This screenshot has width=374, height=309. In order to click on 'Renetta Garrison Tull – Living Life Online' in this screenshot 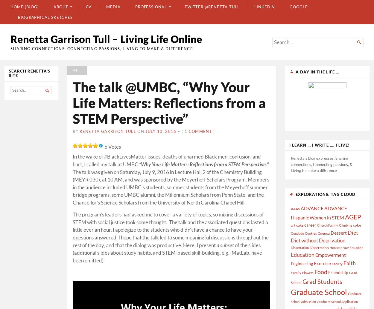, I will do `click(106, 39)`.